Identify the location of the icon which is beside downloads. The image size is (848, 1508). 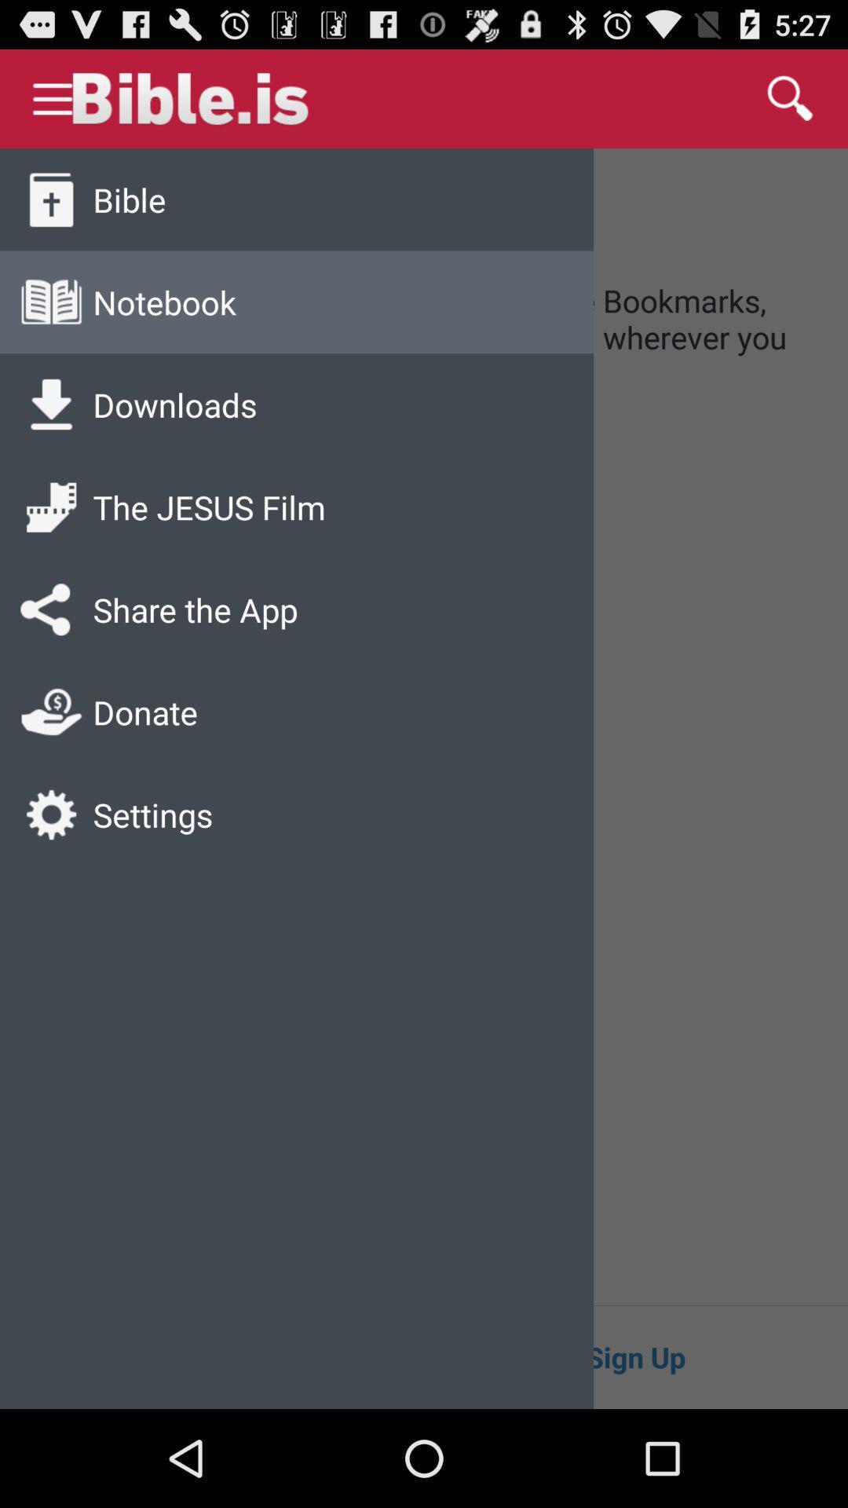
(50, 404).